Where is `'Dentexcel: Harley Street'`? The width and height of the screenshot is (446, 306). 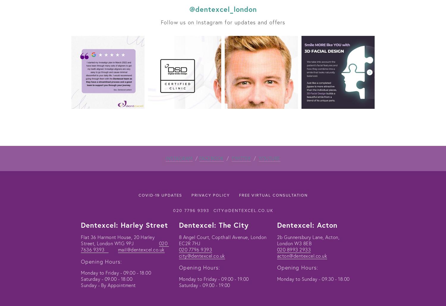 'Dentexcel: Harley Street' is located at coordinates (124, 225).